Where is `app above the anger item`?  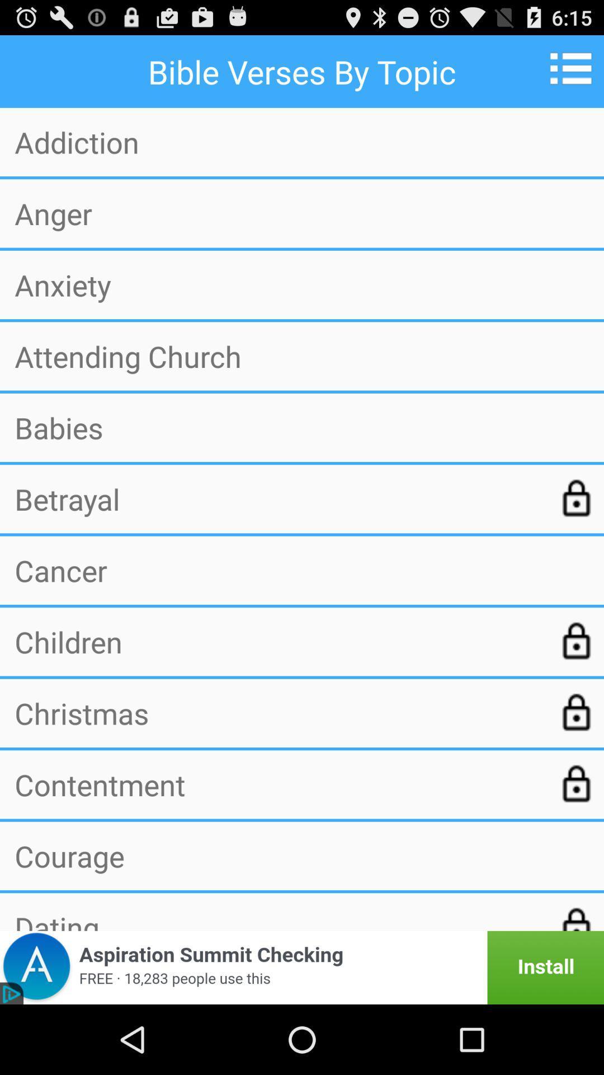 app above the anger item is located at coordinates (302, 141).